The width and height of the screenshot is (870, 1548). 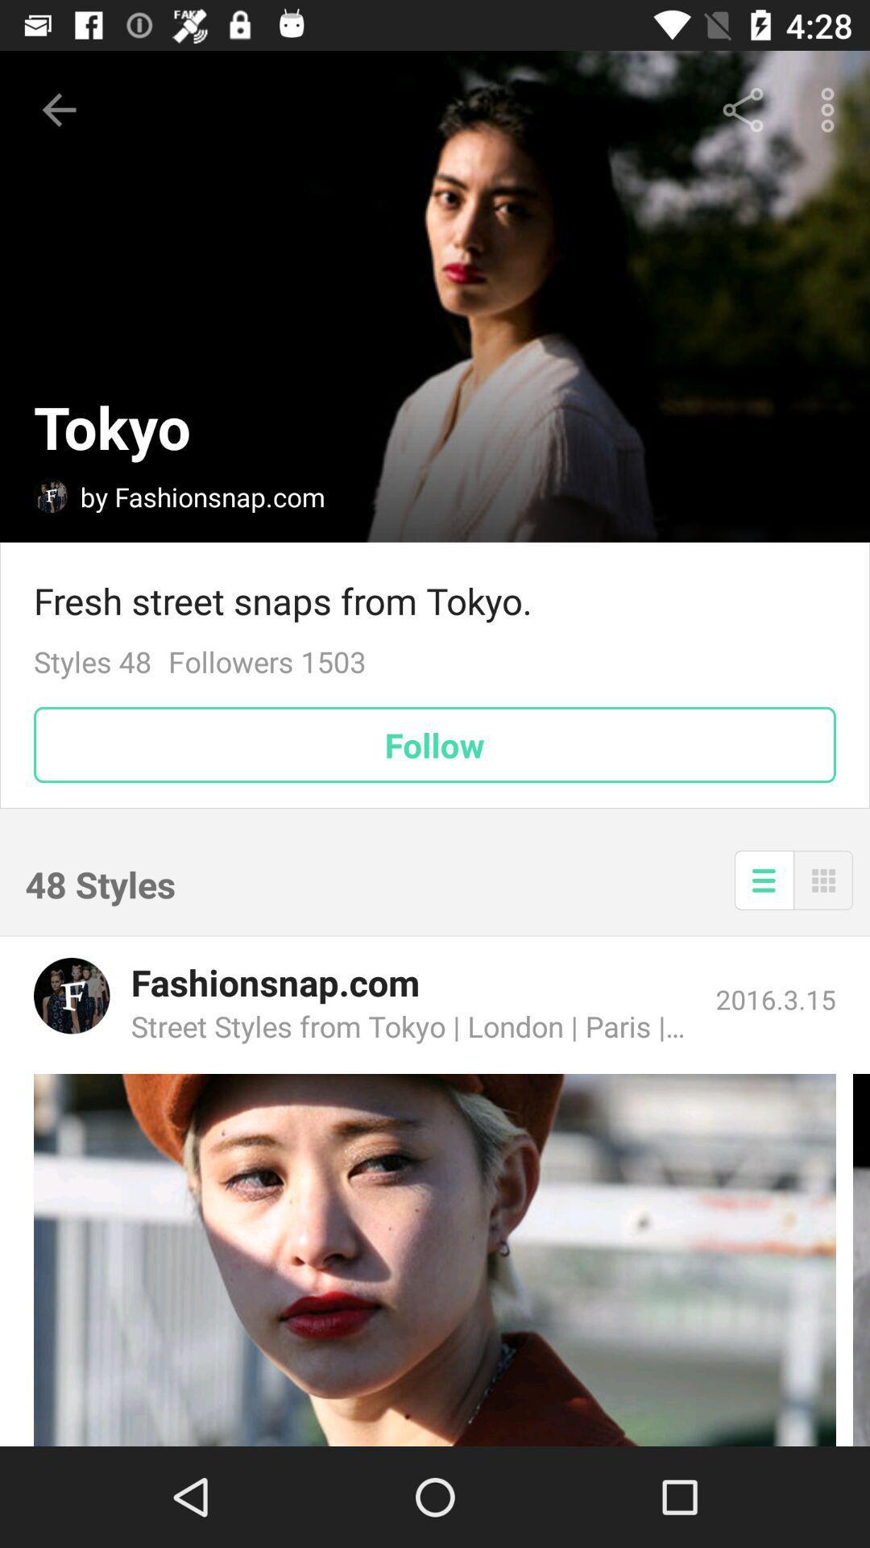 I want to click on link to profile, so click(x=71, y=995).